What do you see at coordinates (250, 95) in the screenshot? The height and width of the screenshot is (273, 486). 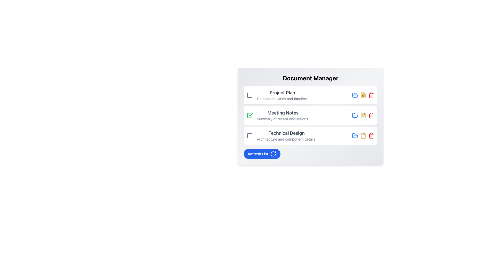 I see `the square icon with a gray border located to the left of 'Project Plan'` at bounding box center [250, 95].